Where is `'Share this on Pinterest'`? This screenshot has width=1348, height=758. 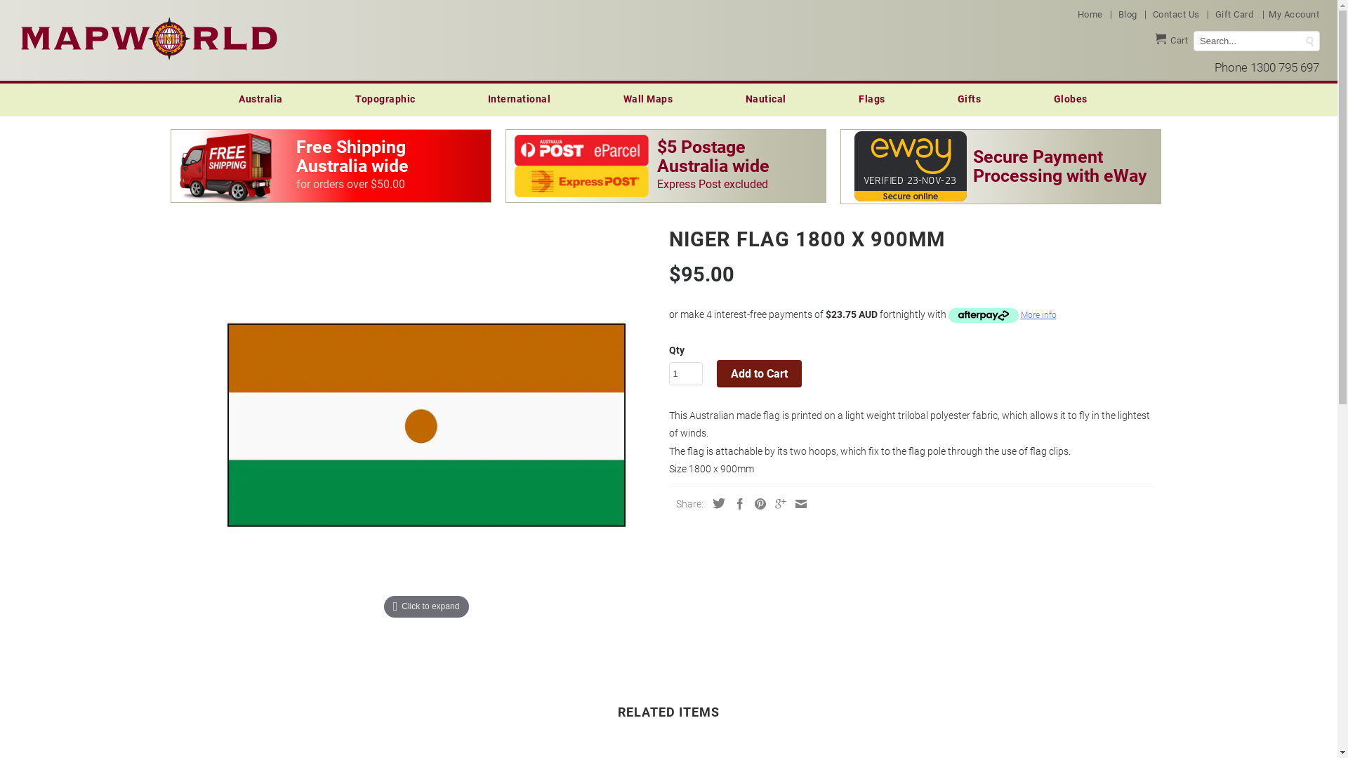 'Share this on Pinterest' is located at coordinates (755, 503).